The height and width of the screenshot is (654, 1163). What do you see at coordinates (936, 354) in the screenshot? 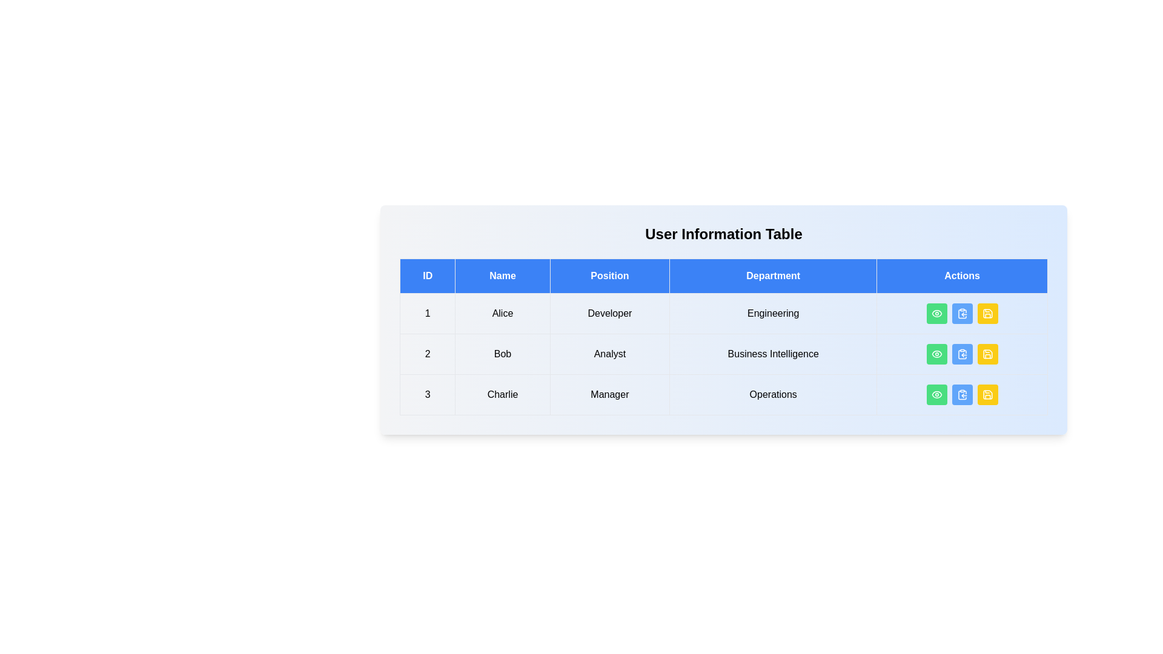
I see `the 'Eye' button in the 'Actions' column of the row corresponding to 2` at bounding box center [936, 354].